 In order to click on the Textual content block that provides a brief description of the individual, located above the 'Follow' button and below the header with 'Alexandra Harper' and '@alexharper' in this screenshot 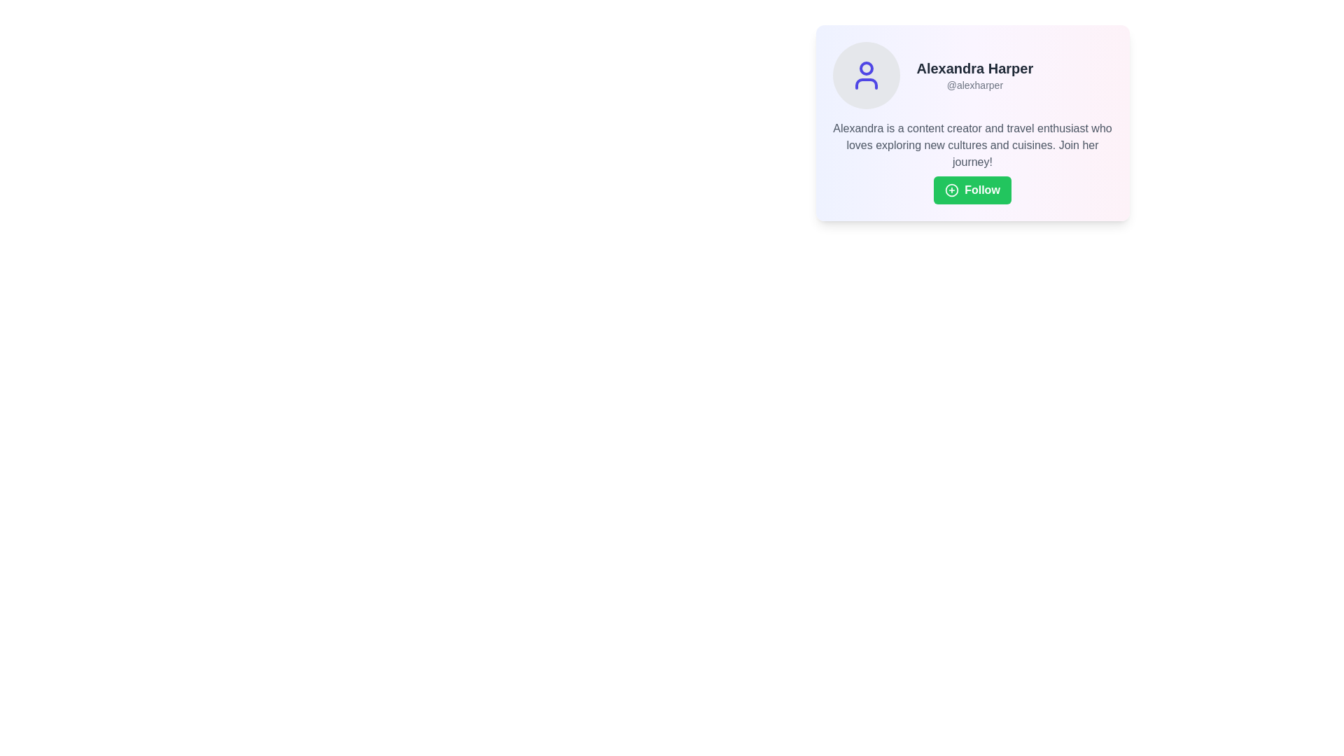, I will do `click(972, 146)`.